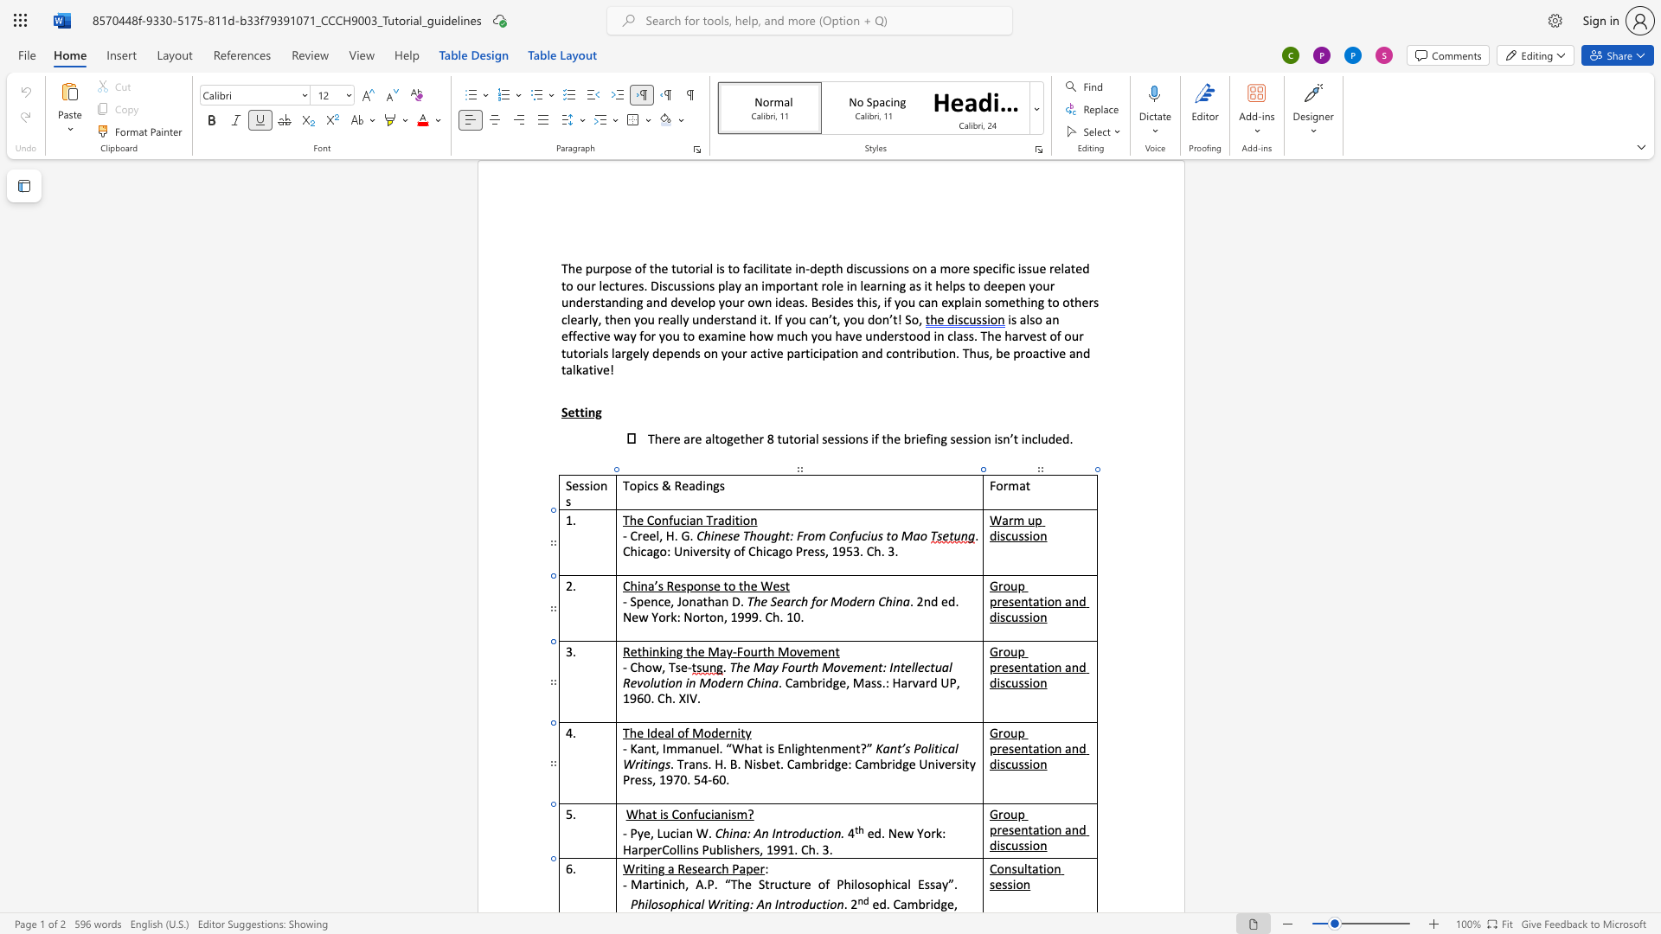 The image size is (1661, 934). I want to click on the space between the continuous character "I" and "n" in the text, so click(778, 903).